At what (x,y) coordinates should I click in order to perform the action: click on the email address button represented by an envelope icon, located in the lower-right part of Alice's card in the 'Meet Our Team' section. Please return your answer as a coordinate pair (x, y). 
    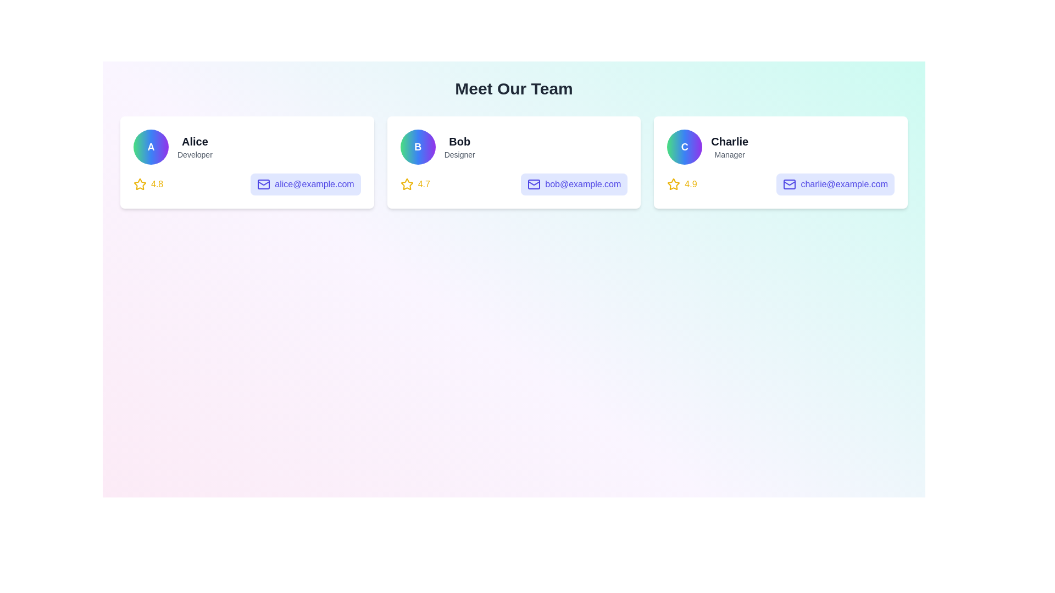
    Looking at the image, I should click on (264, 183).